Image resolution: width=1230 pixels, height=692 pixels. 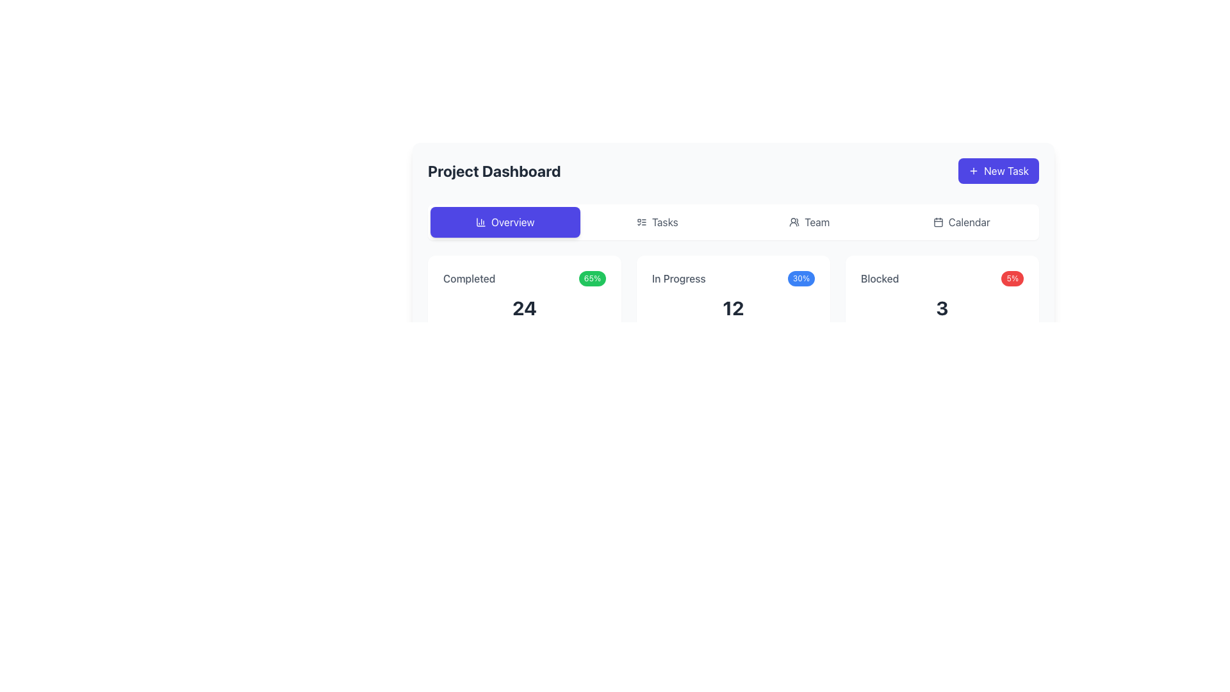 I want to click on the red badge displaying '5%' in white, which is located at the top-right corner of the 'Blocked' section, so click(x=1012, y=278).